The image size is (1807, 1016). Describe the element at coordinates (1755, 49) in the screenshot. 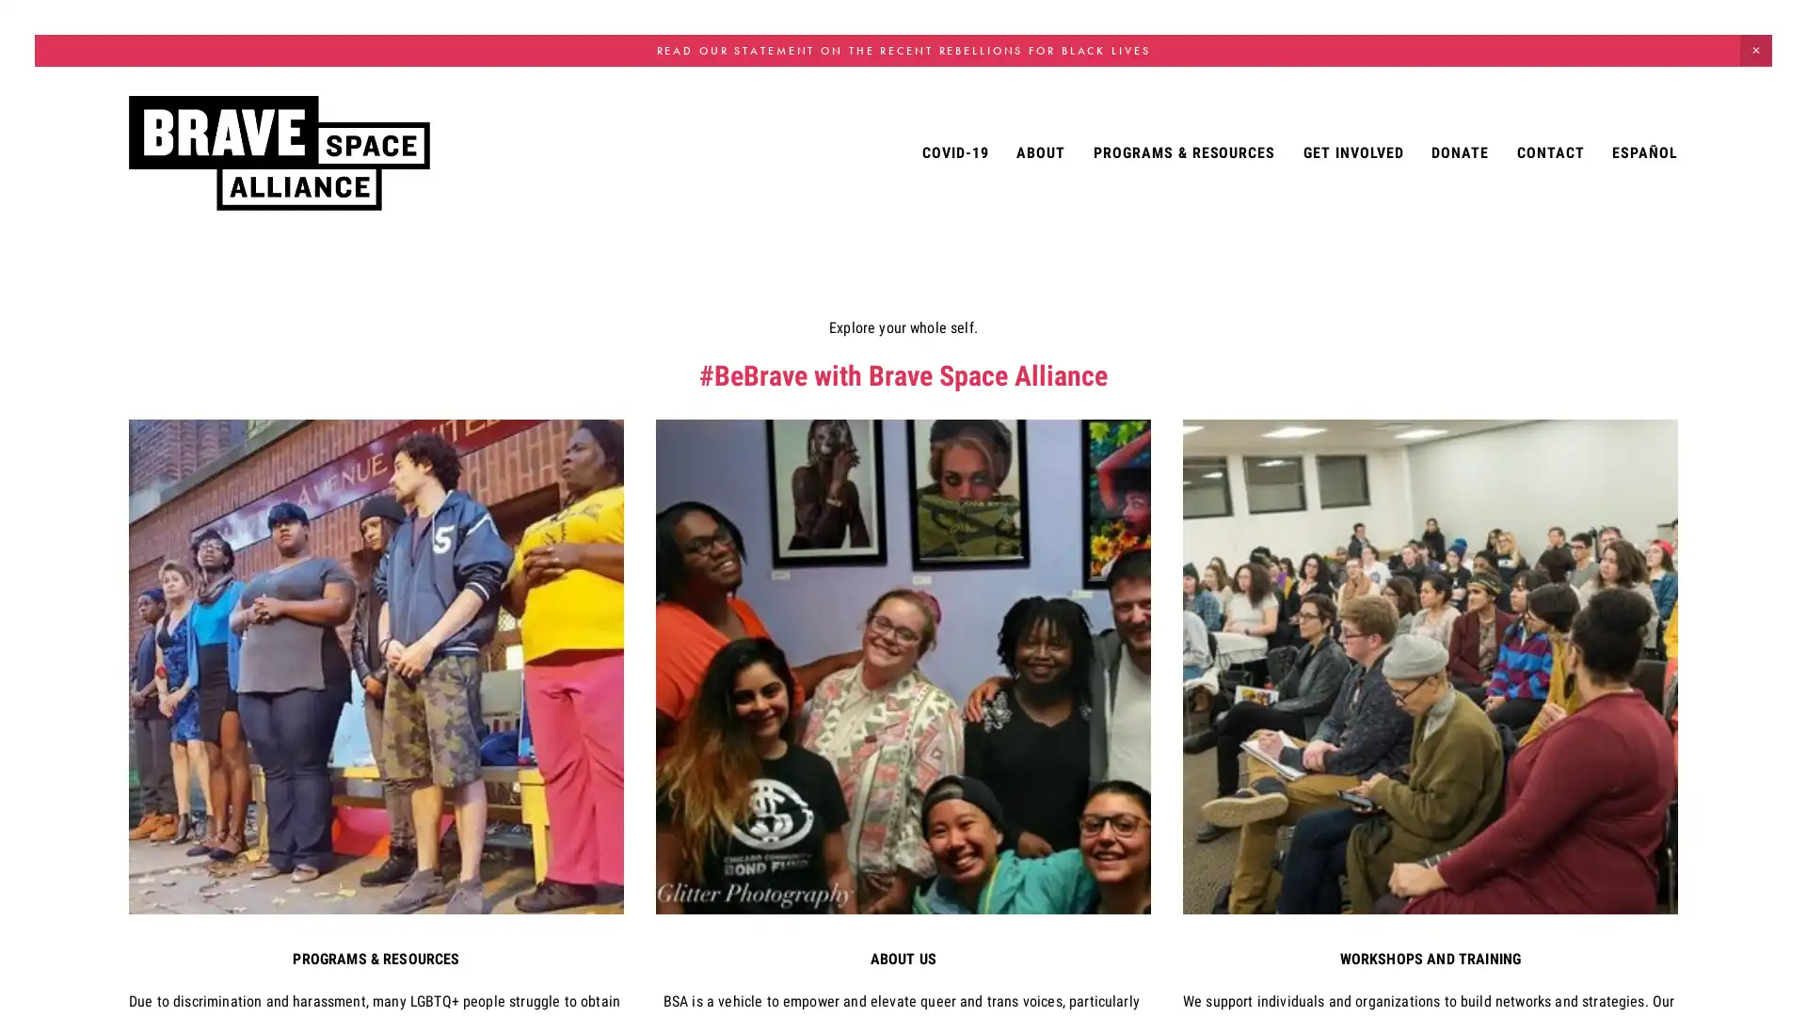

I see `Close Announcement` at that location.